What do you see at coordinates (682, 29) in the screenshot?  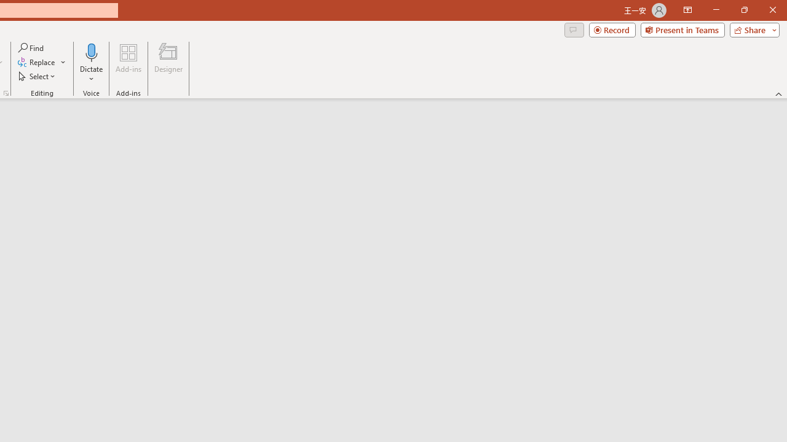 I see `'Present in Teams'` at bounding box center [682, 29].